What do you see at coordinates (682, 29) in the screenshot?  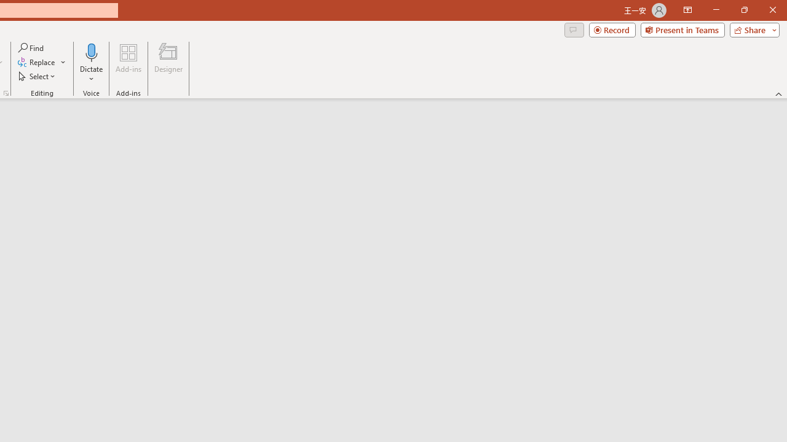 I see `'Present in Teams'` at bounding box center [682, 29].